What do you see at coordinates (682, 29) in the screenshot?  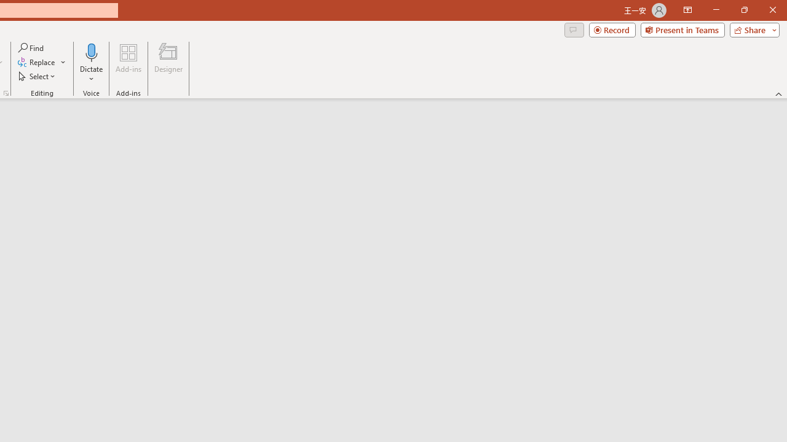 I see `'Present in Teams'` at bounding box center [682, 29].